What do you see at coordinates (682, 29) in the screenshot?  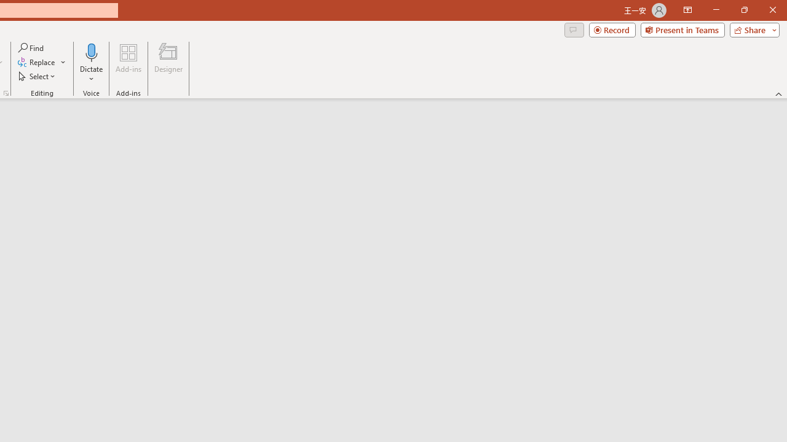 I see `'Present in Teams'` at bounding box center [682, 29].